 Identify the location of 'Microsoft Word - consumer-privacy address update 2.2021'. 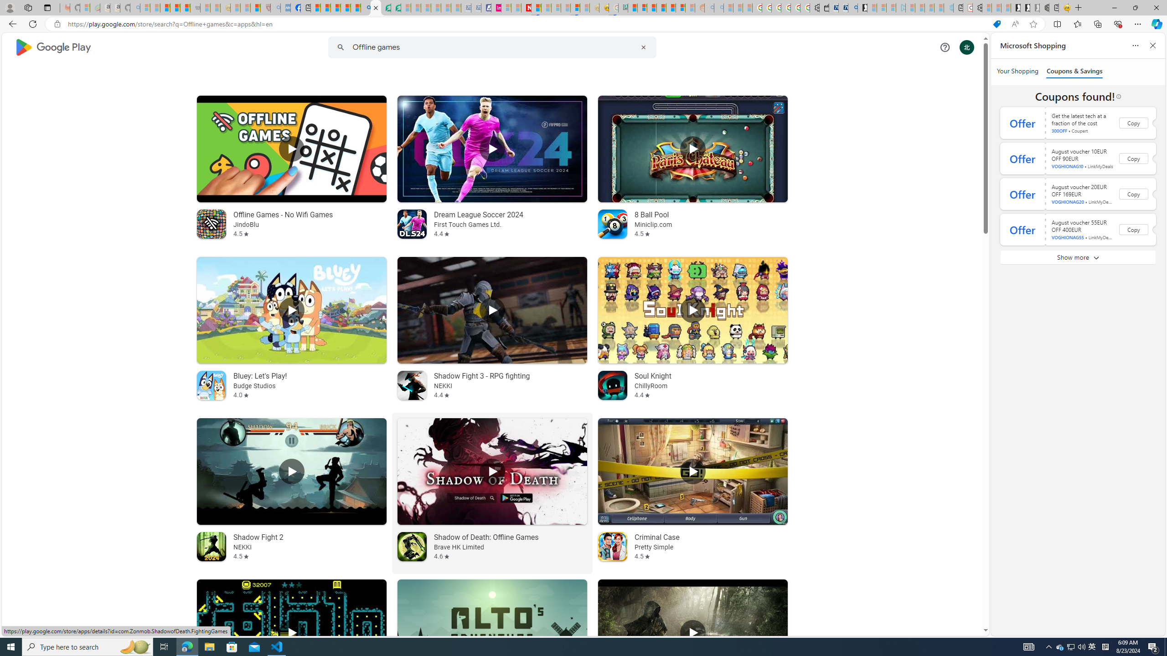
(396, 7).